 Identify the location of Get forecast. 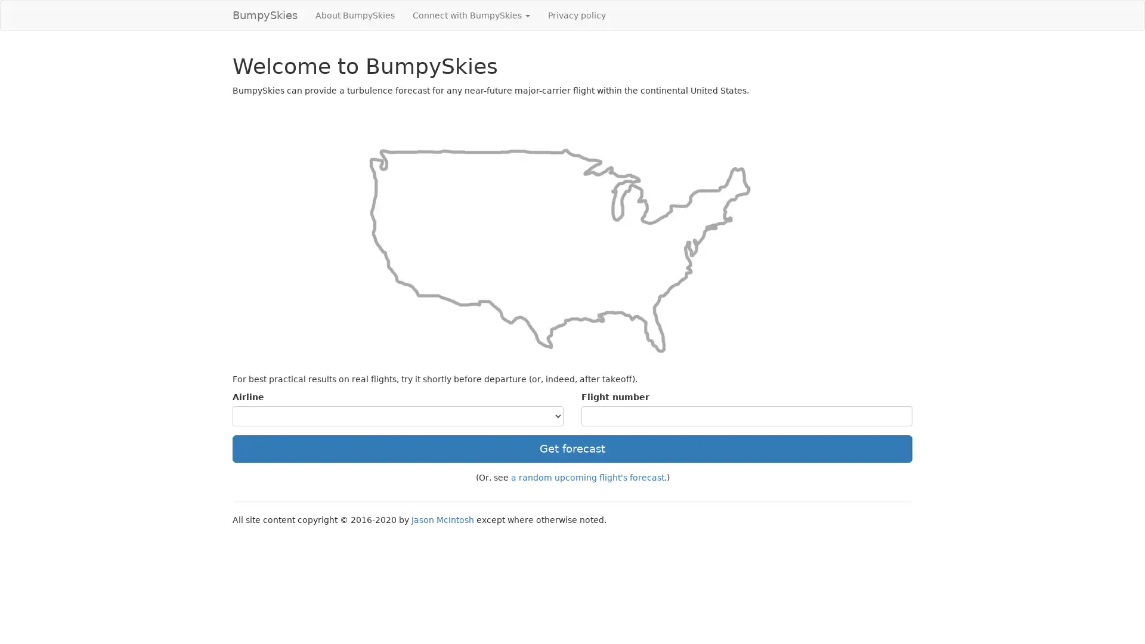
(572, 448).